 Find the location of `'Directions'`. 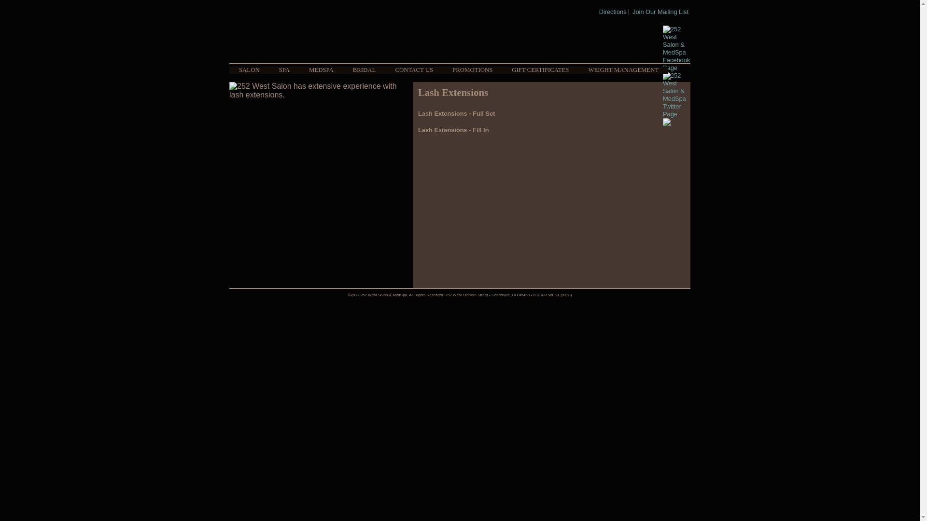

'Directions' is located at coordinates (612, 12).